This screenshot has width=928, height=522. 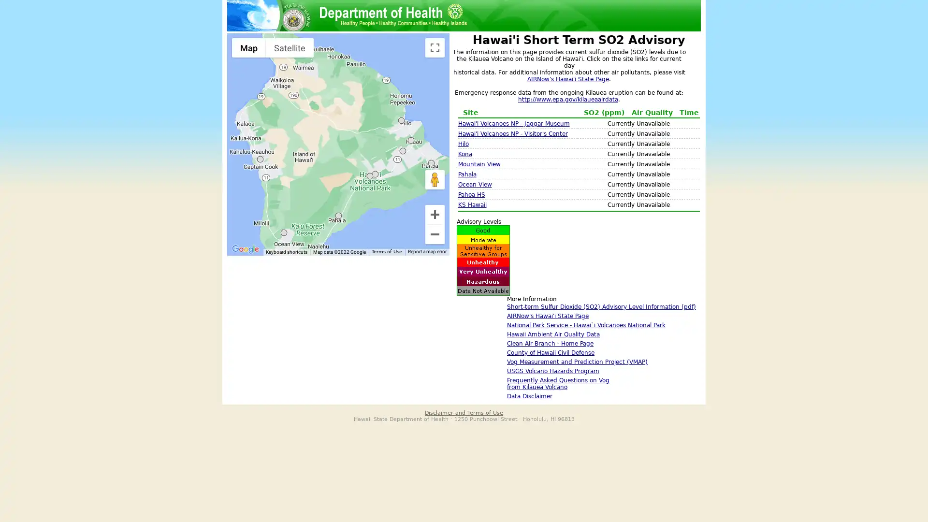 What do you see at coordinates (435, 234) in the screenshot?
I see `Zoom out` at bounding box center [435, 234].